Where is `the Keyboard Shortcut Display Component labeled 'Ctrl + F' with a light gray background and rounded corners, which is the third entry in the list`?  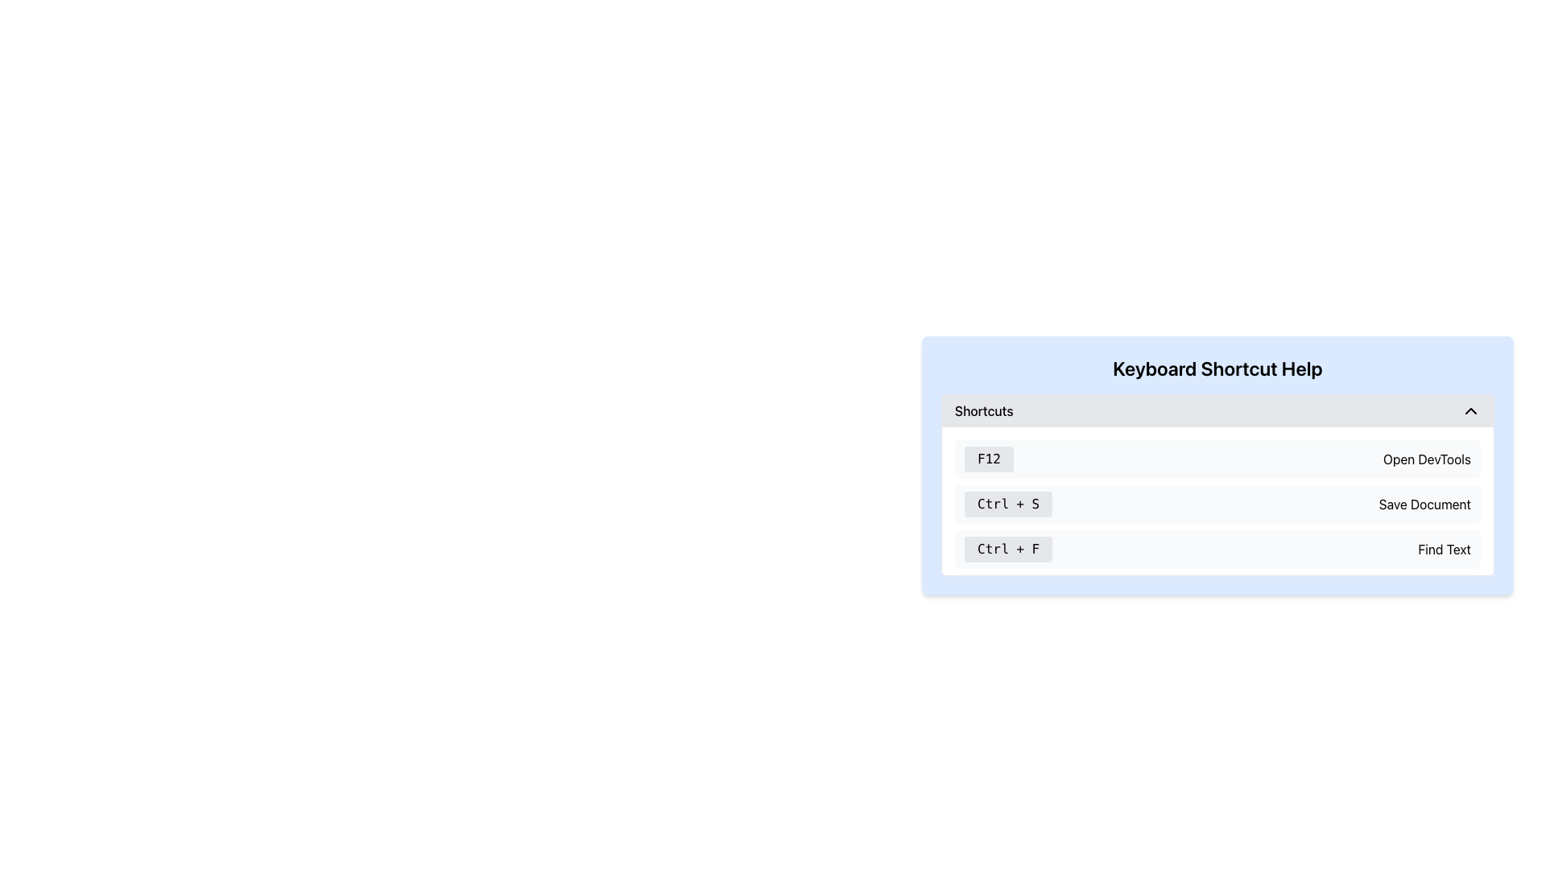
the Keyboard Shortcut Display Component labeled 'Ctrl + F' with a light gray background and rounded corners, which is the third entry in the list is located at coordinates (1217, 548).